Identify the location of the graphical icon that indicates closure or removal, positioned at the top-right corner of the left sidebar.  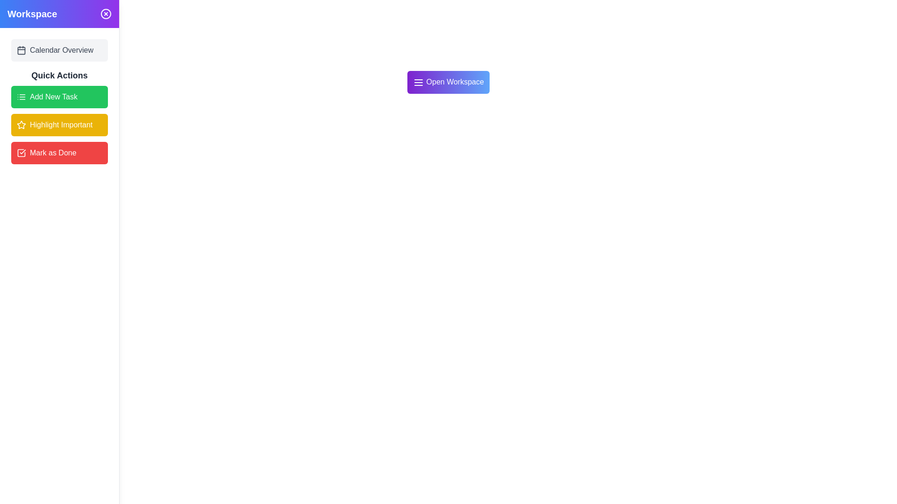
(106, 14).